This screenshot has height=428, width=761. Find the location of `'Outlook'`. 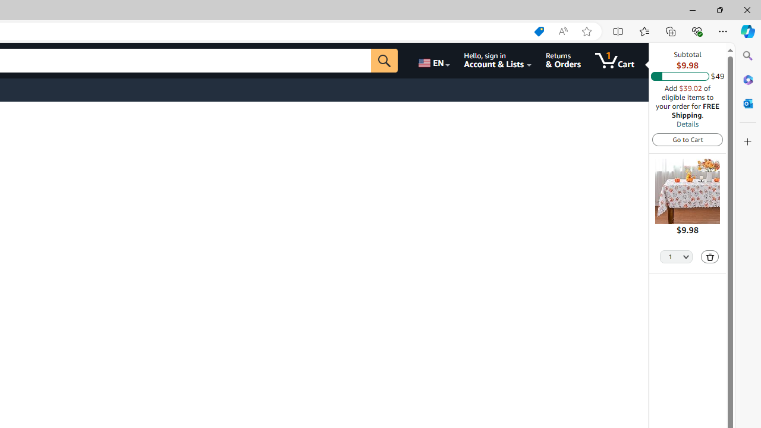

'Outlook' is located at coordinates (747, 103).